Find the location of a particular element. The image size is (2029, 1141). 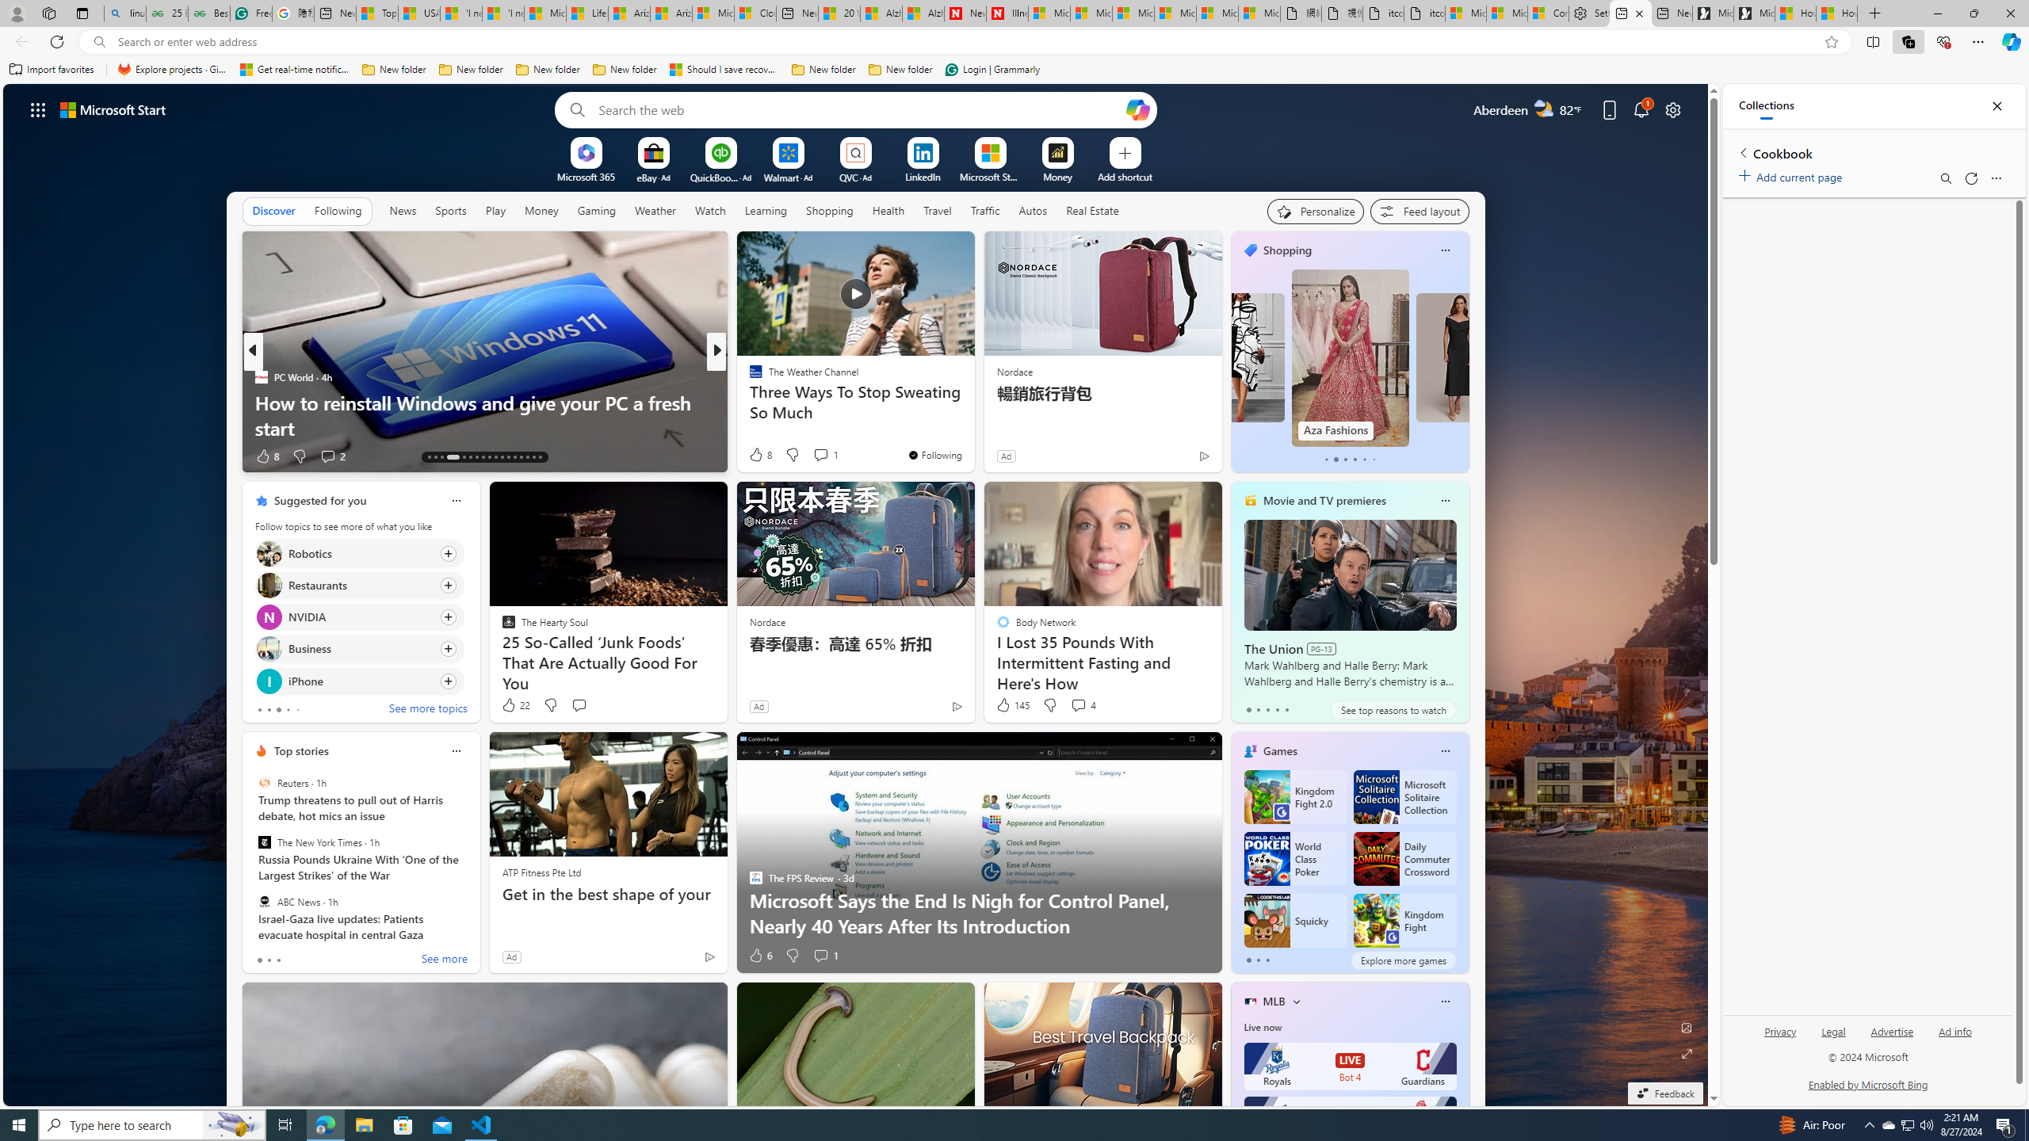

'Back to list of collections' is located at coordinates (1742, 151).